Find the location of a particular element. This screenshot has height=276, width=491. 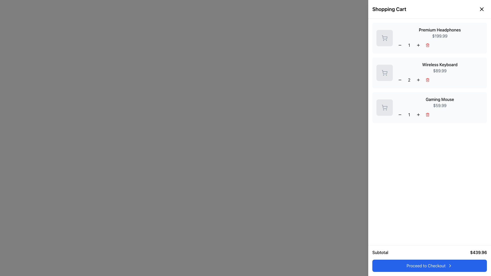

the 'Gaming Mouse' text display element that shows the price '$59.99' in a subtle gray color, located in the shopping cart interface as the third item listed is located at coordinates (439, 107).